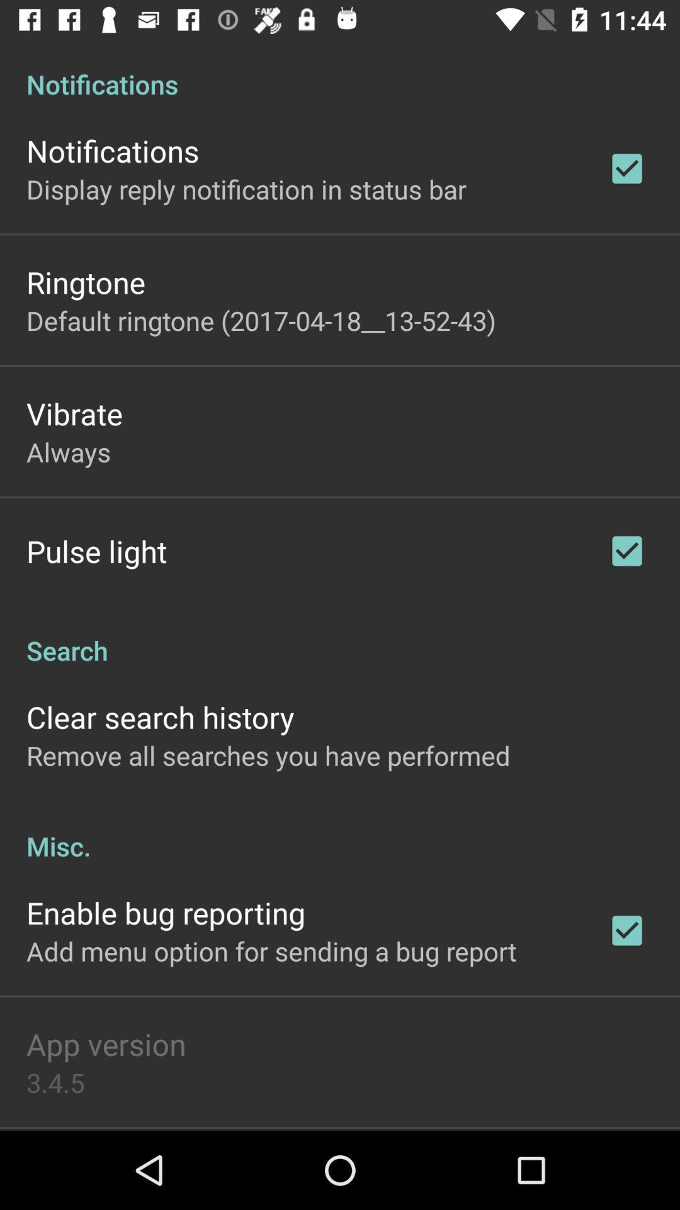 The height and width of the screenshot is (1210, 680). Describe the element at coordinates (55, 1081) in the screenshot. I see `3.4.5 icon` at that location.